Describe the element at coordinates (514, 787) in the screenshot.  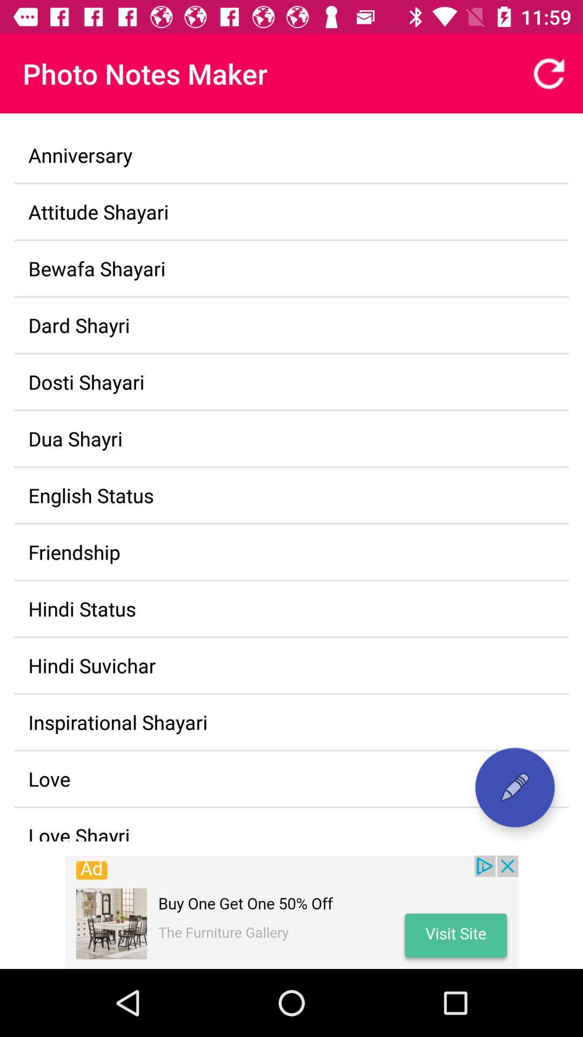
I see `writing` at that location.